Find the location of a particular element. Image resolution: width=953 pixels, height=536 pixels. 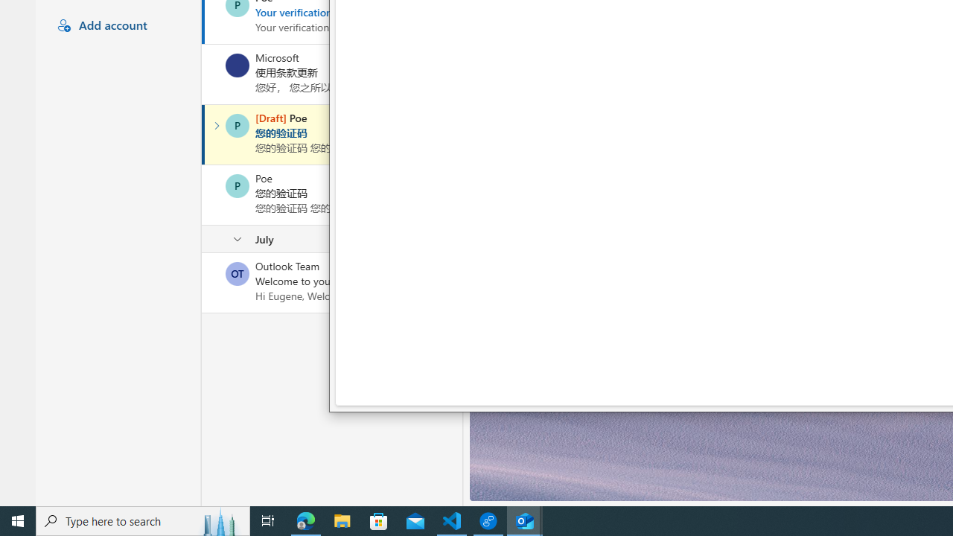

'Microsoft' is located at coordinates (237, 64).